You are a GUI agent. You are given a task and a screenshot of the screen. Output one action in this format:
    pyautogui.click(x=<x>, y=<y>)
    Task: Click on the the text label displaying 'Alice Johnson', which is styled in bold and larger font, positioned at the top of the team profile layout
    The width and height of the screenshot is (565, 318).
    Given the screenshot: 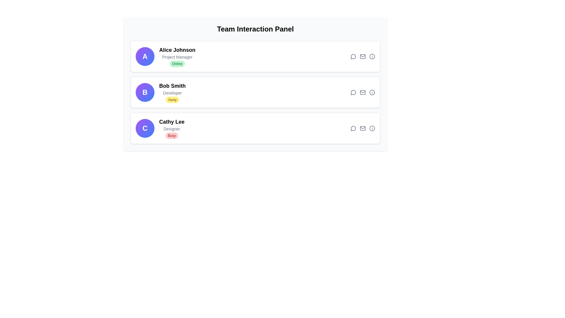 What is the action you would take?
    pyautogui.click(x=177, y=49)
    